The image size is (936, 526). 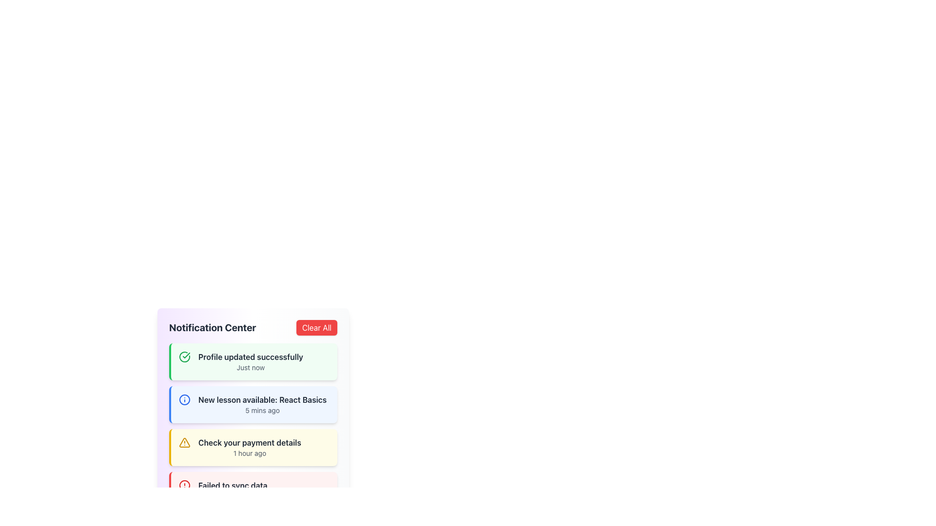 What do you see at coordinates (253, 392) in the screenshot?
I see `the second notification card` at bounding box center [253, 392].